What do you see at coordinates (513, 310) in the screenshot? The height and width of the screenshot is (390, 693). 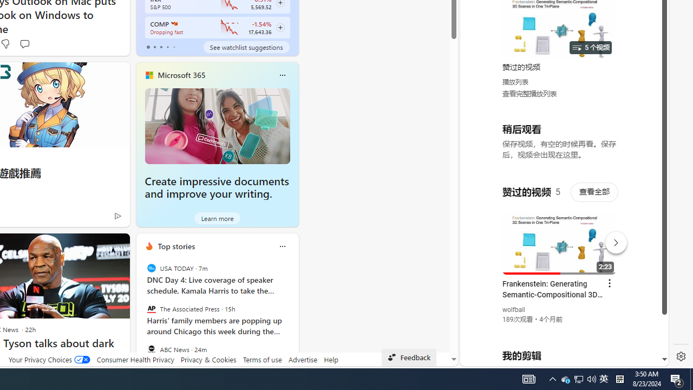 I see `'wolfball'` at bounding box center [513, 310].